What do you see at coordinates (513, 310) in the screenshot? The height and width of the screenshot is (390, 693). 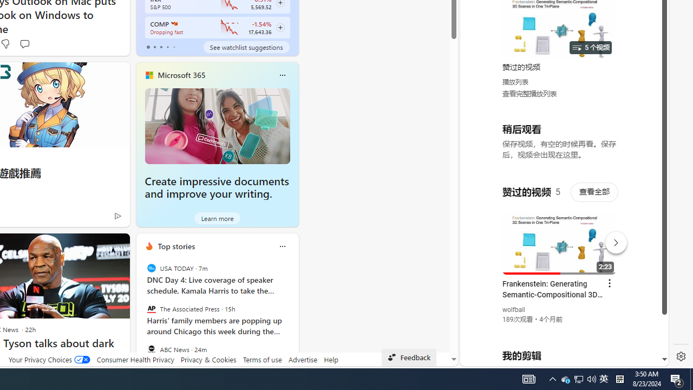 I see `'wolfball'` at bounding box center [513, 310].